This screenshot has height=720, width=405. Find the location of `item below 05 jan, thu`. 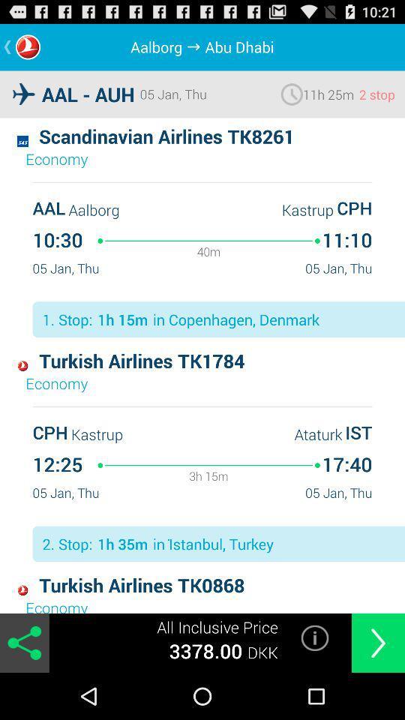

item below 05 jan, thu is located at coordinates (314, 637).